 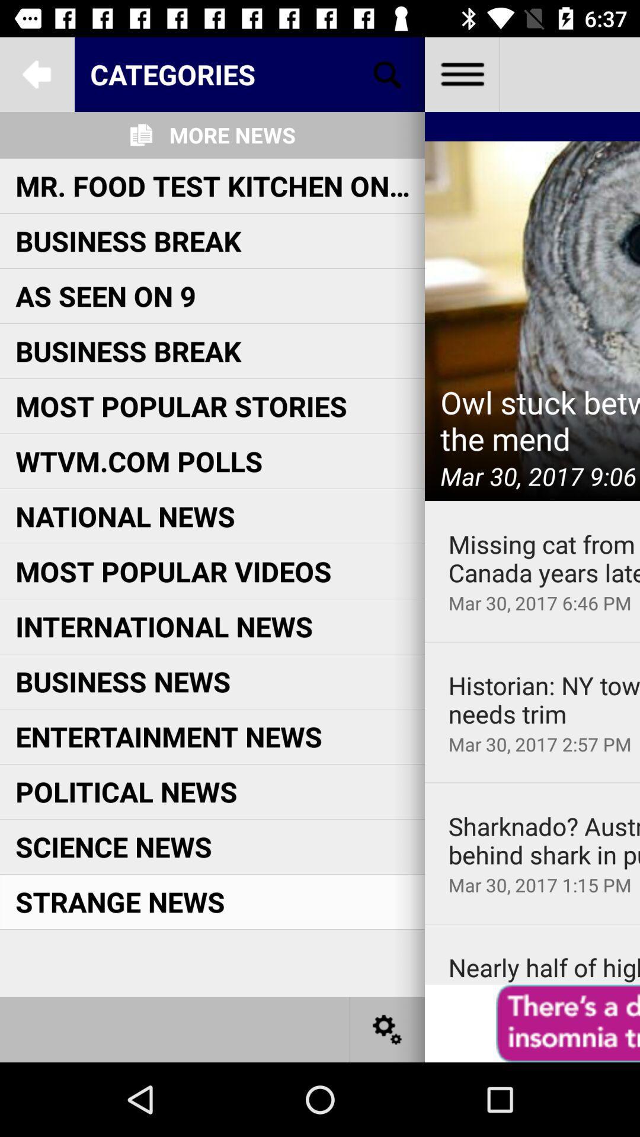 What do you see at coordinates (388, 1029) in the screenshot?
I see `the settings icon` at bounding box center [388, 1029].